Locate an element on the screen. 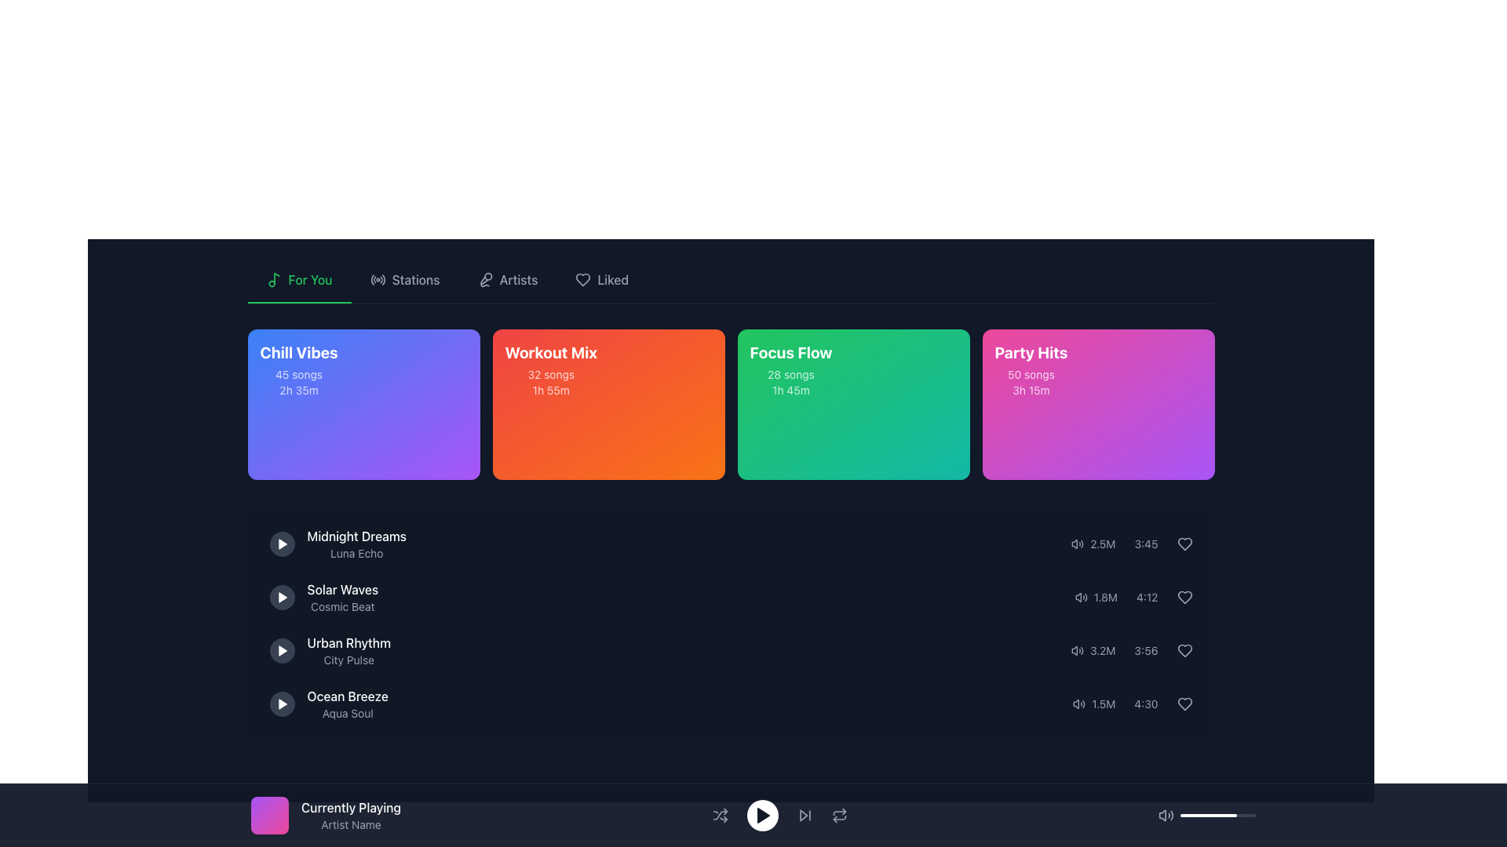  the play button for the 'Ocean Breeze' audio track located in the fourth row of the list on the left side of the text 'Ocean Breeze' and 'Aqua Soul' is located at coordinates (282, 703).